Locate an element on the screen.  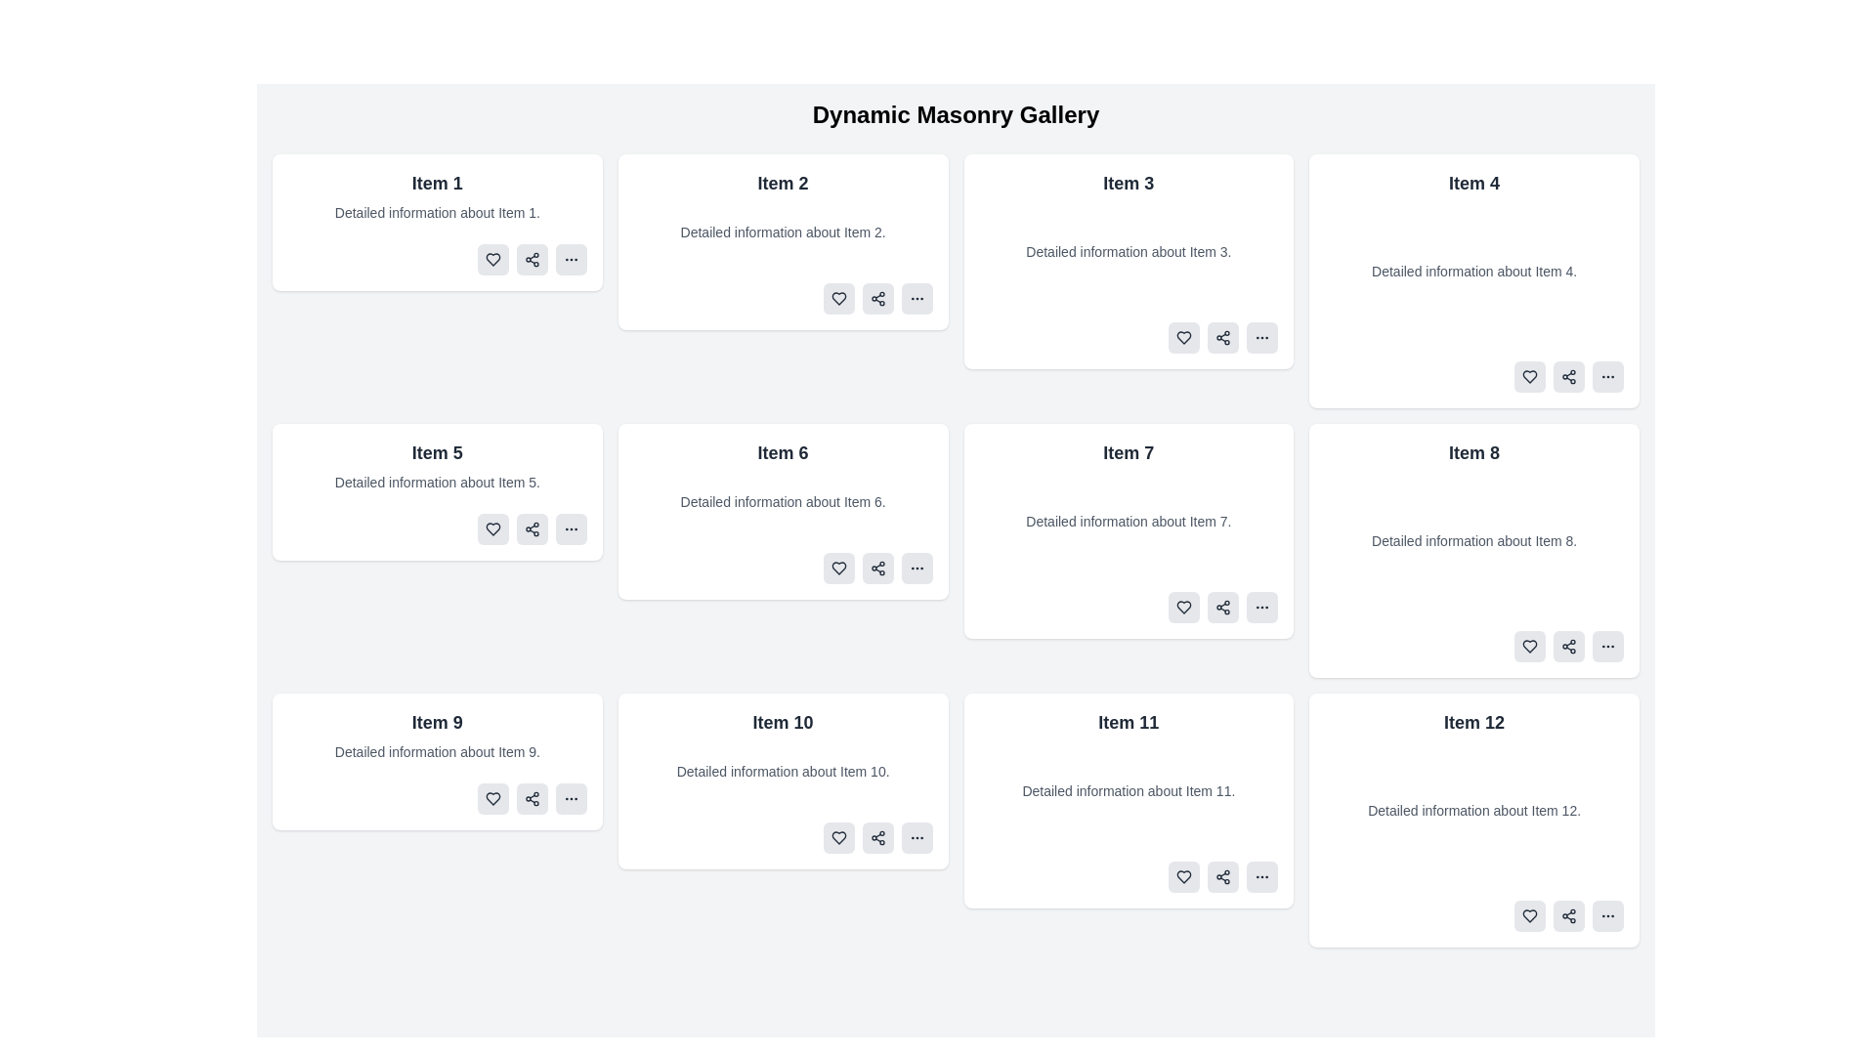
the last button in the bottom-right corner of the box labeled 'Item 12' is located at coordinates (1608, 915).